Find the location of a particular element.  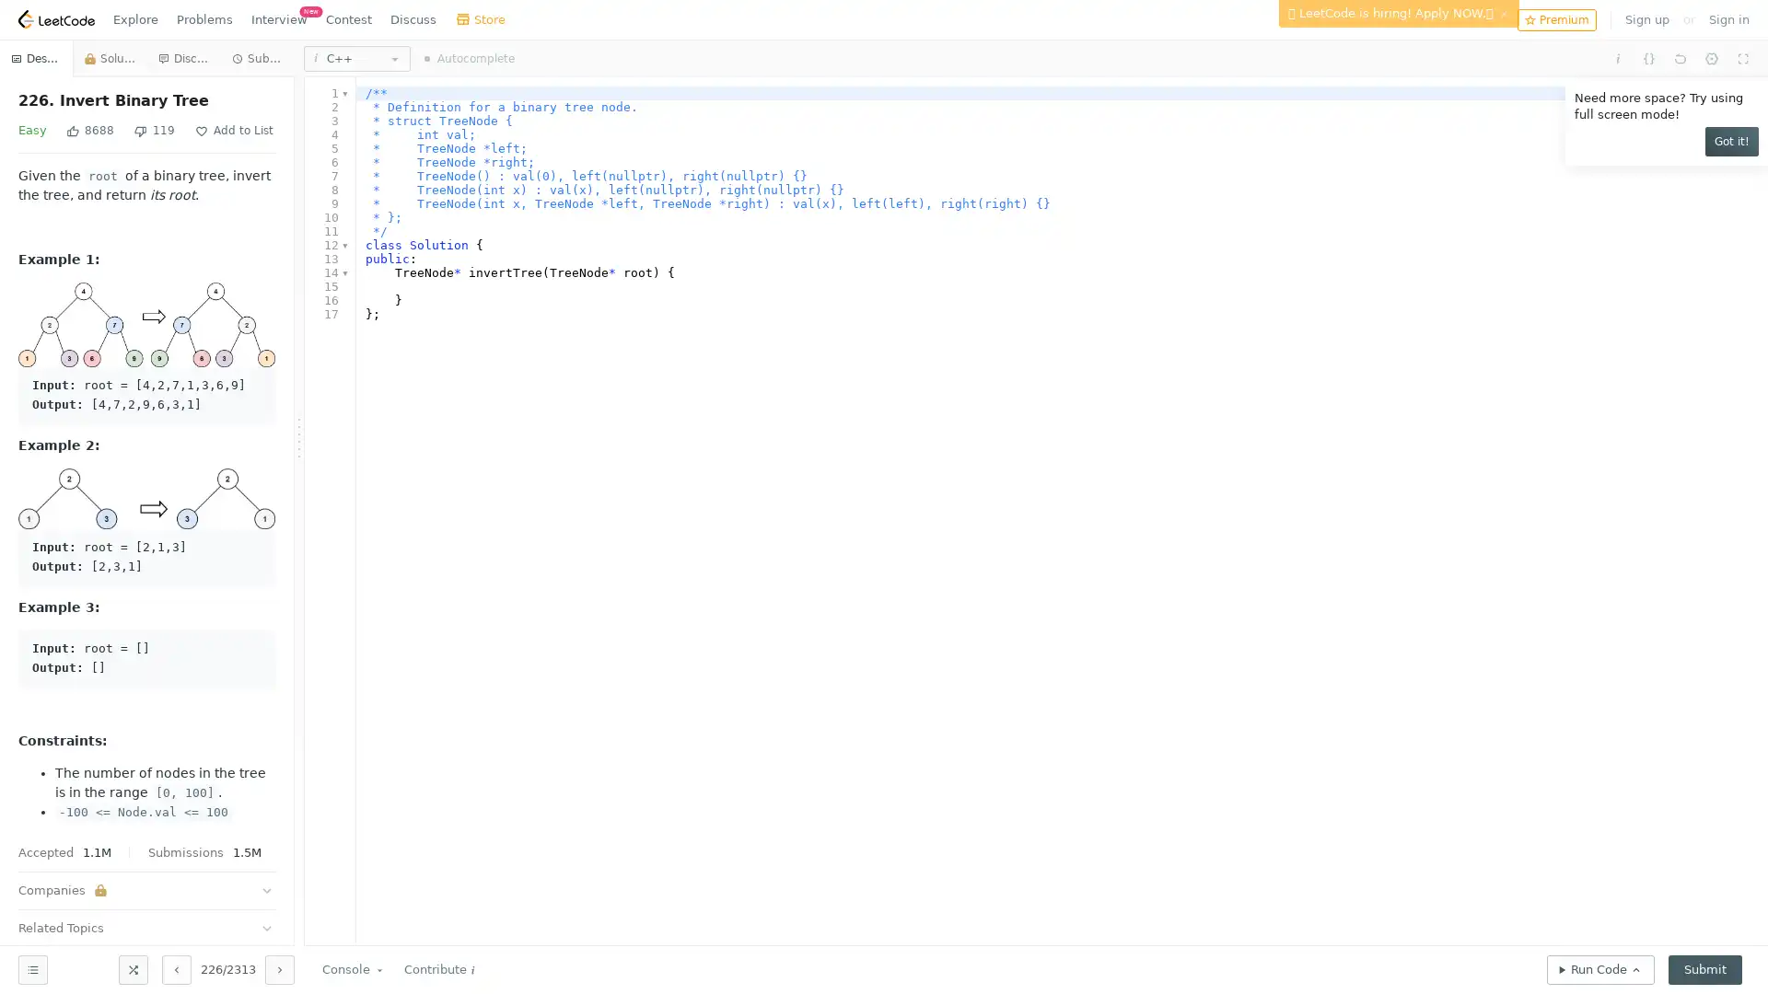

Console is located at coordinates (354, 968).